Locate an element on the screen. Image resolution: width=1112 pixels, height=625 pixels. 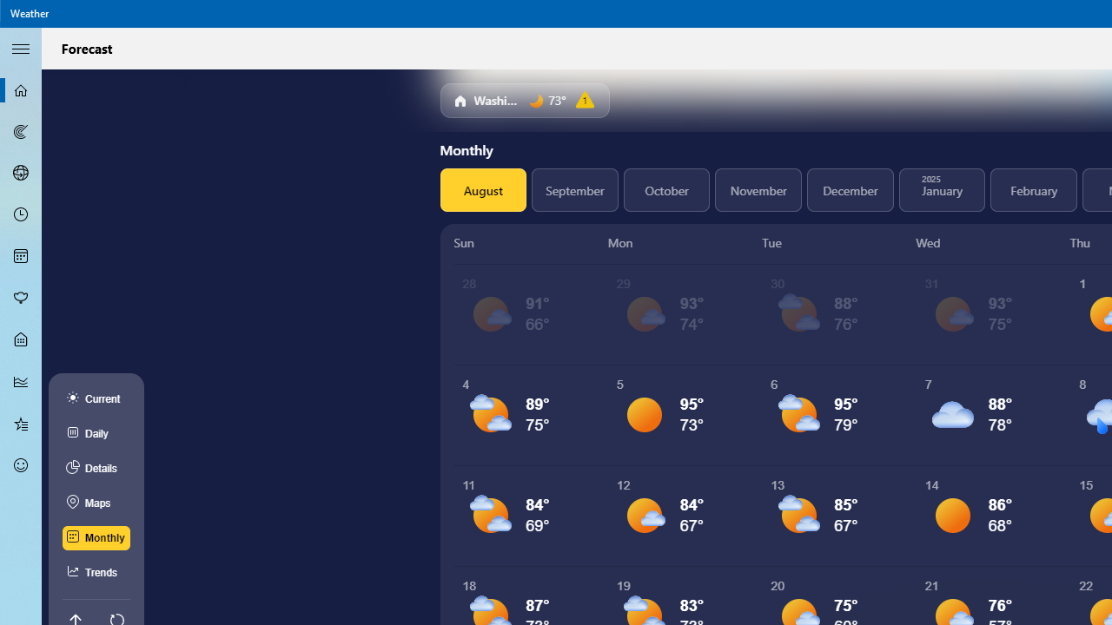
'Life - Not Selected' is located at coordinates (21, 340).